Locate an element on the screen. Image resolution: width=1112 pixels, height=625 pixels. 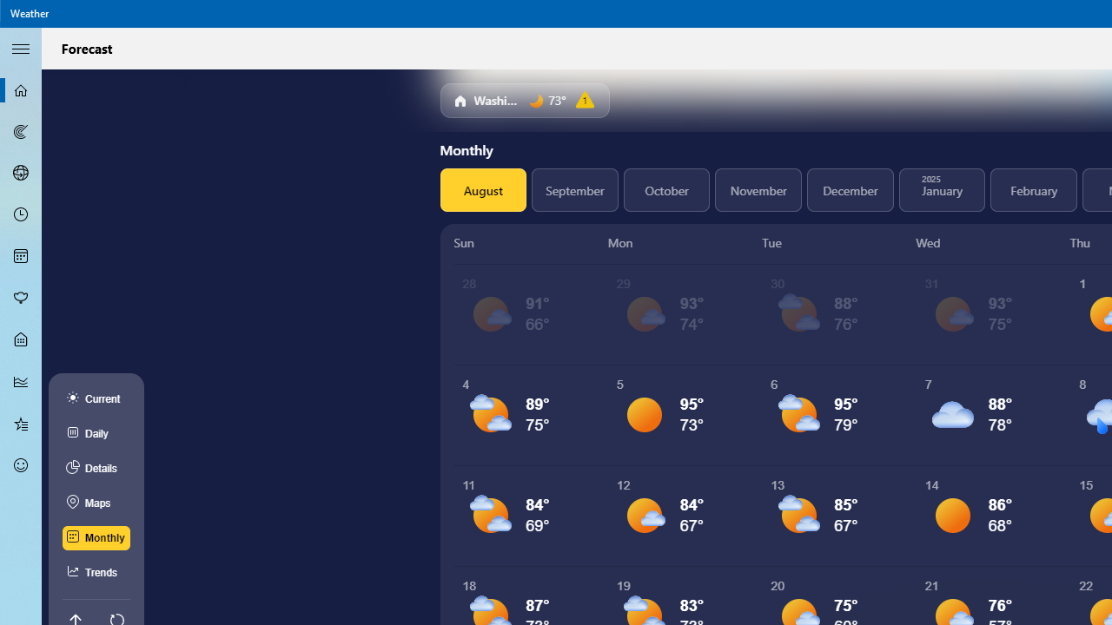
'Life - Not Selected' is located at coordinates (21, 340).